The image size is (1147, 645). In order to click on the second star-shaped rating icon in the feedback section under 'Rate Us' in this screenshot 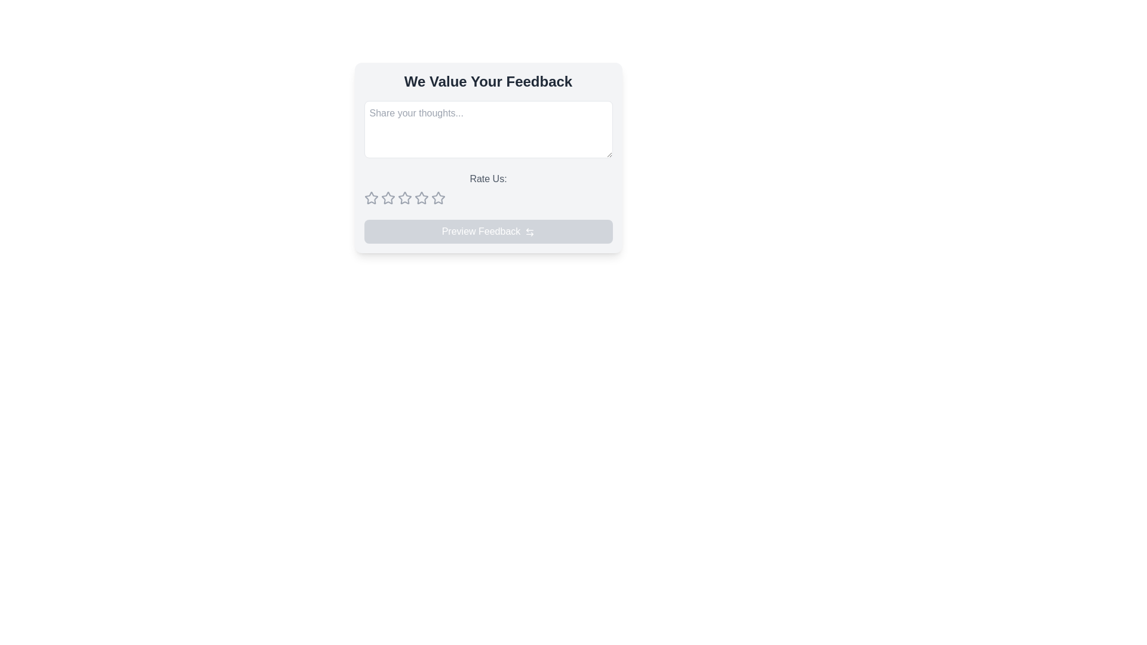, I will do `click(388, 197)`.